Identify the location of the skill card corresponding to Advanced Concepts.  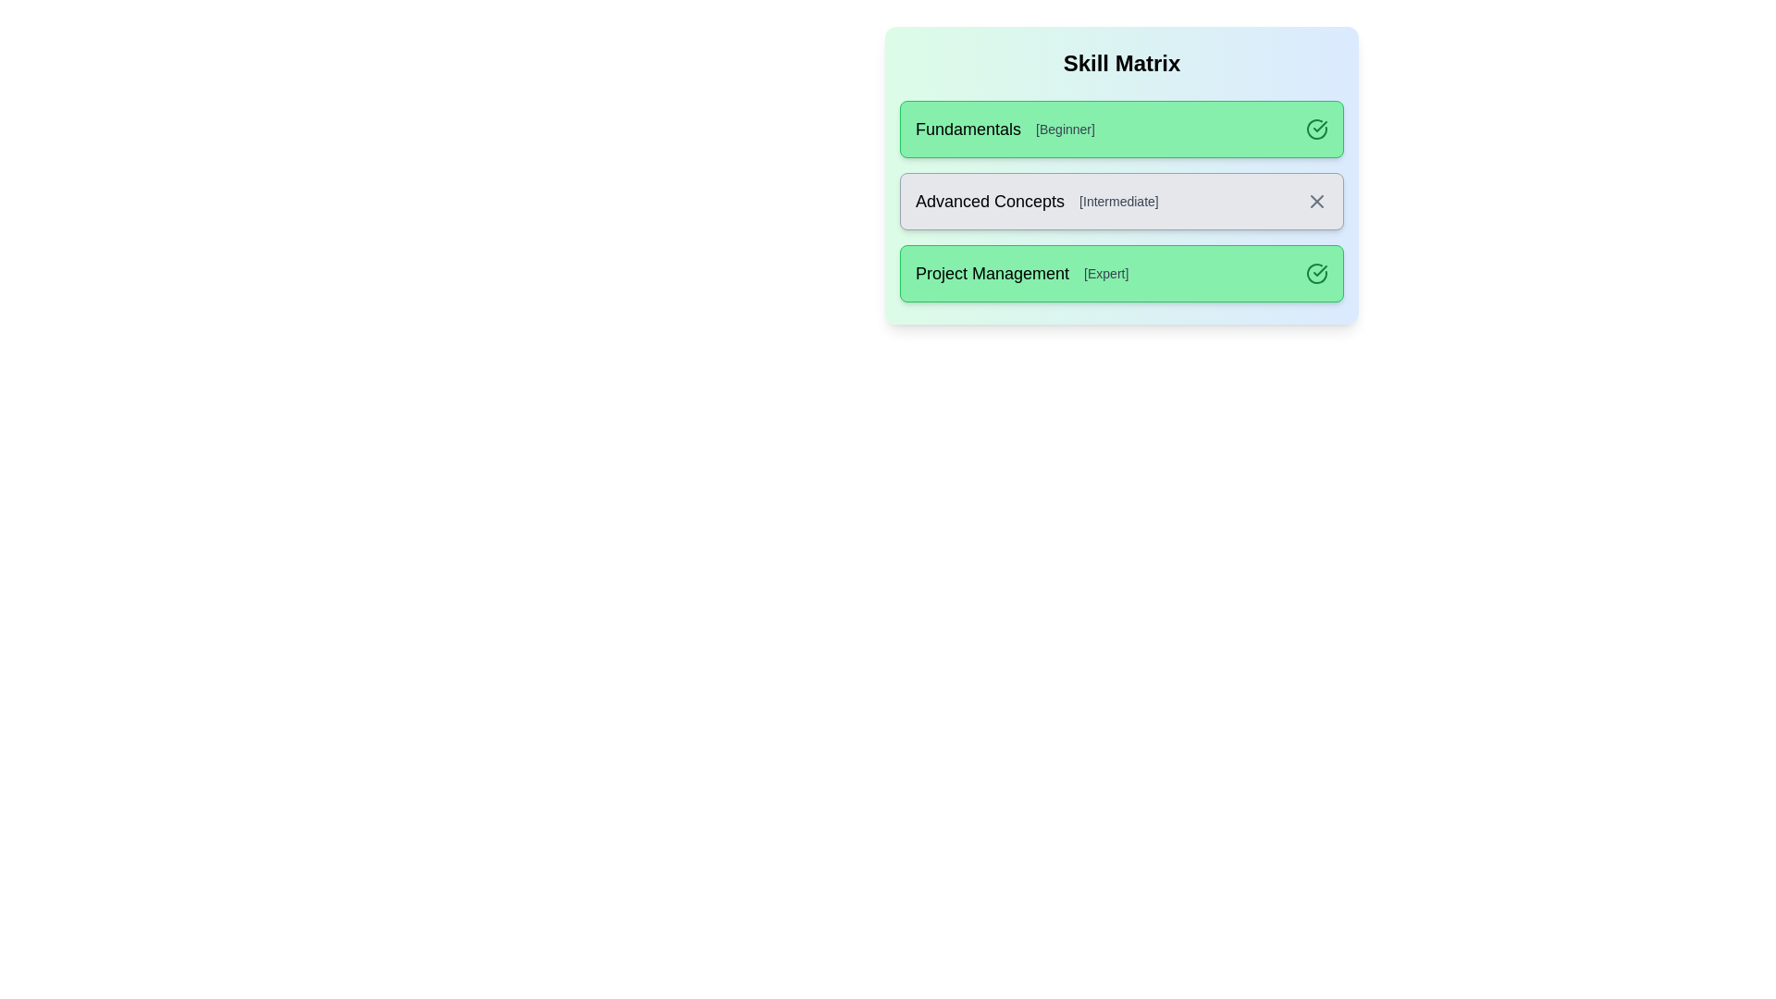
(1121, 202).